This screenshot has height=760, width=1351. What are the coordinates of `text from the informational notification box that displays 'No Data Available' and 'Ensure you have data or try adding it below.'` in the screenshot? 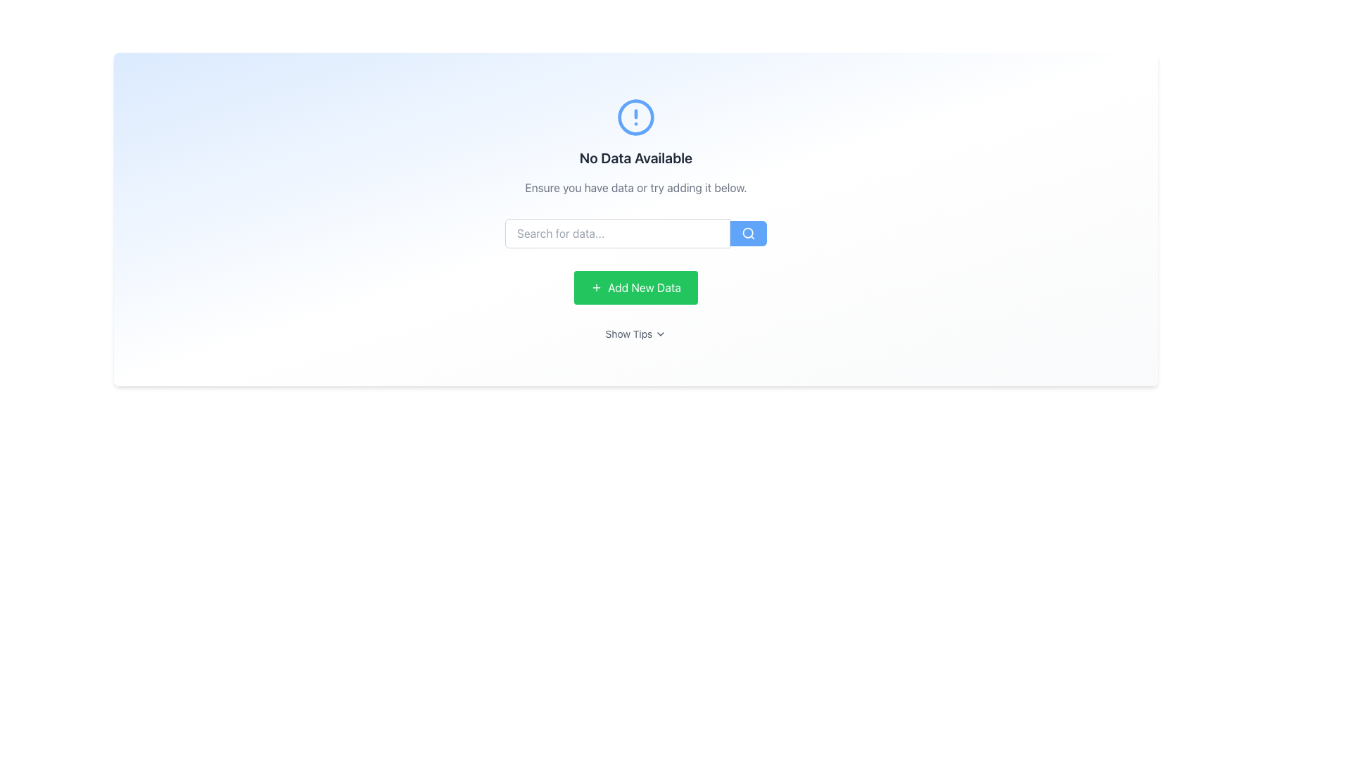 It's located at (635, 146).